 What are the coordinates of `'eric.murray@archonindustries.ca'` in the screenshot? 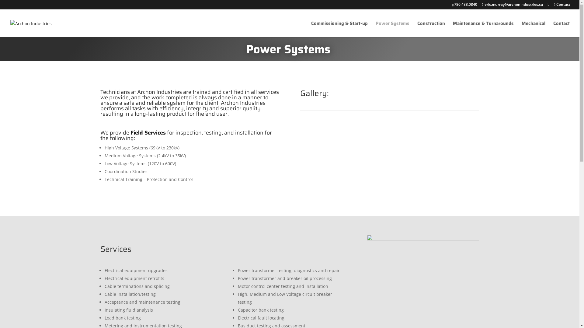 It's located at (512, 4).